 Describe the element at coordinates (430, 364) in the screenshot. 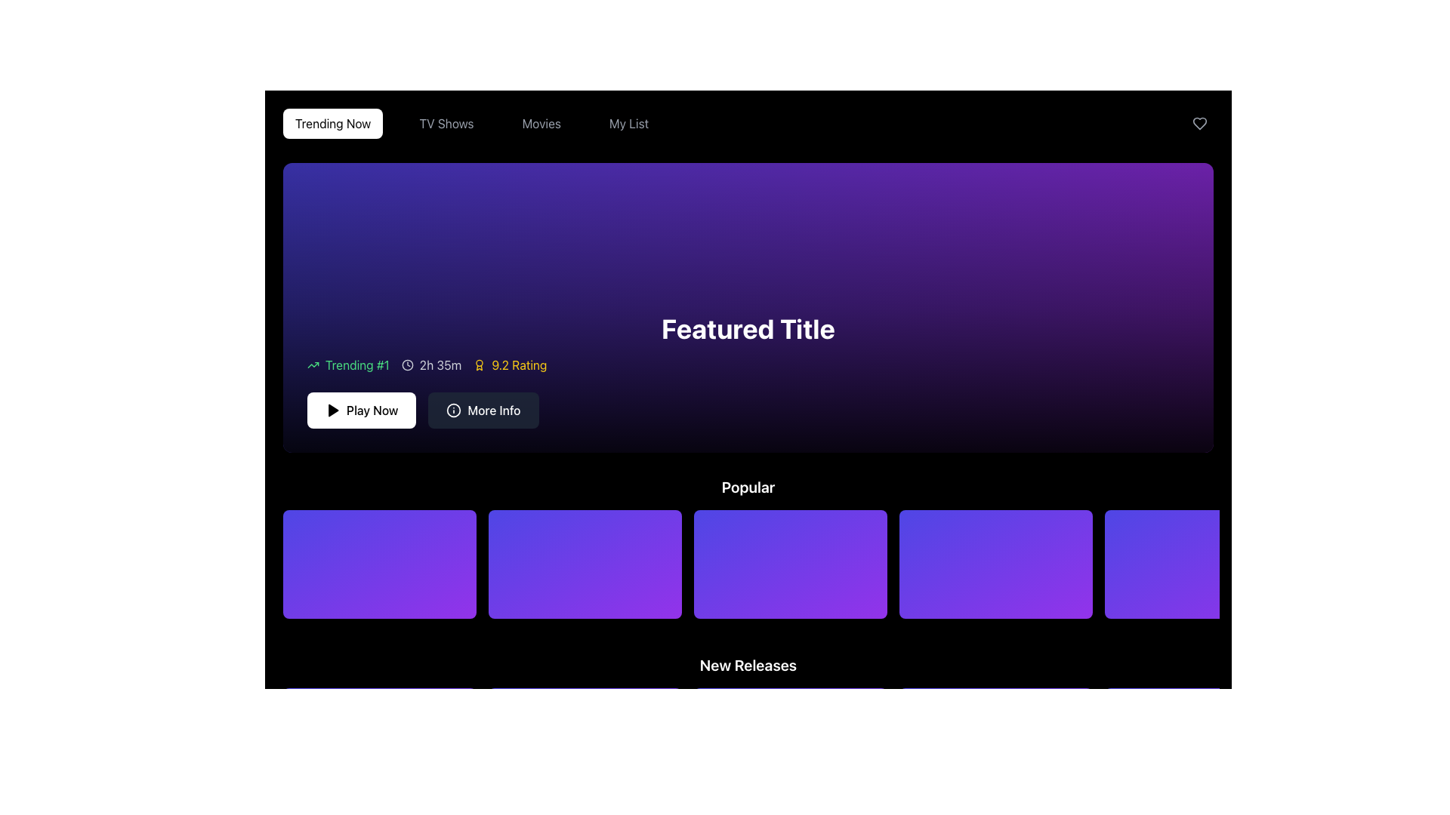

I see `the Text Label displaying the time duration, which is located between the 'Trending #1' label and the '9.2 Rating' label, under the heading 'Featured Title'` at that location.